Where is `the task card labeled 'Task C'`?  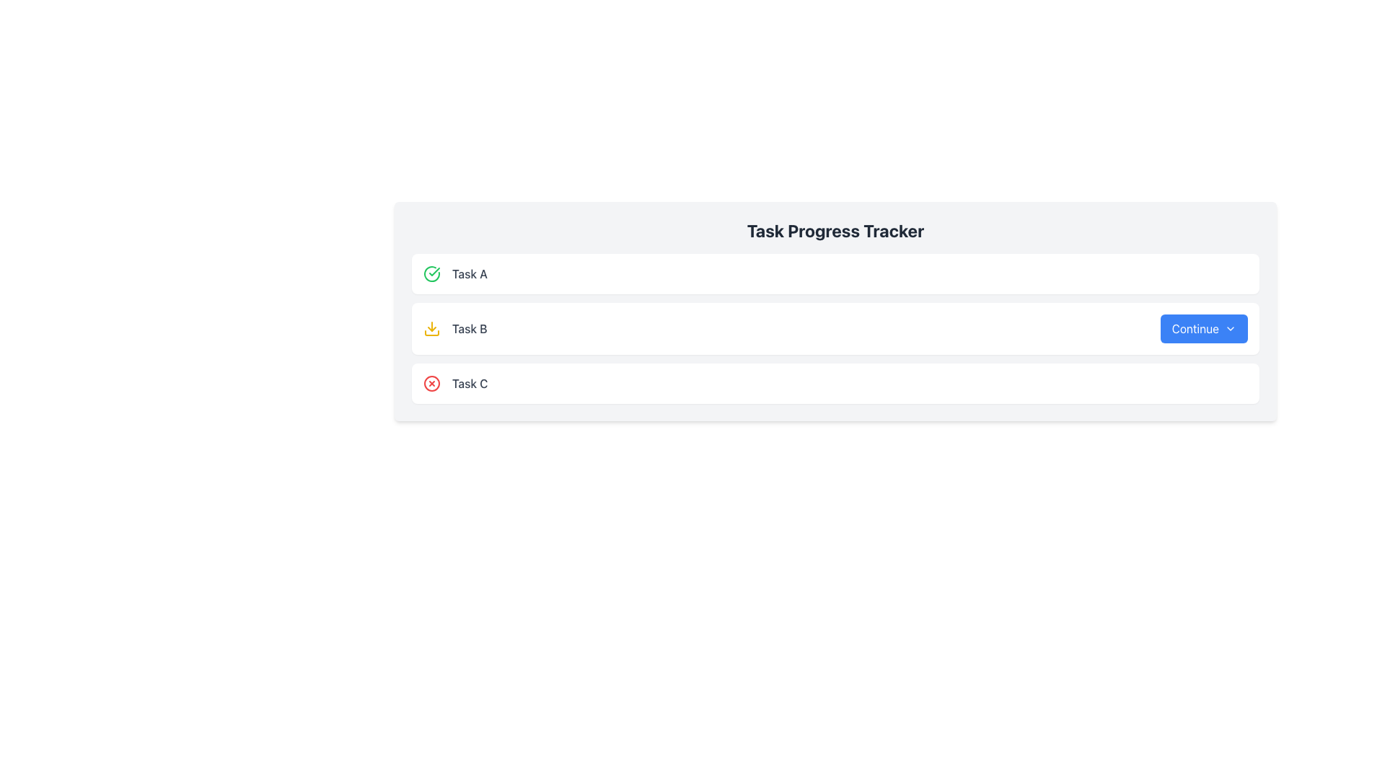
the task card labeled 'Task C' is located at coordinates (835, 383).